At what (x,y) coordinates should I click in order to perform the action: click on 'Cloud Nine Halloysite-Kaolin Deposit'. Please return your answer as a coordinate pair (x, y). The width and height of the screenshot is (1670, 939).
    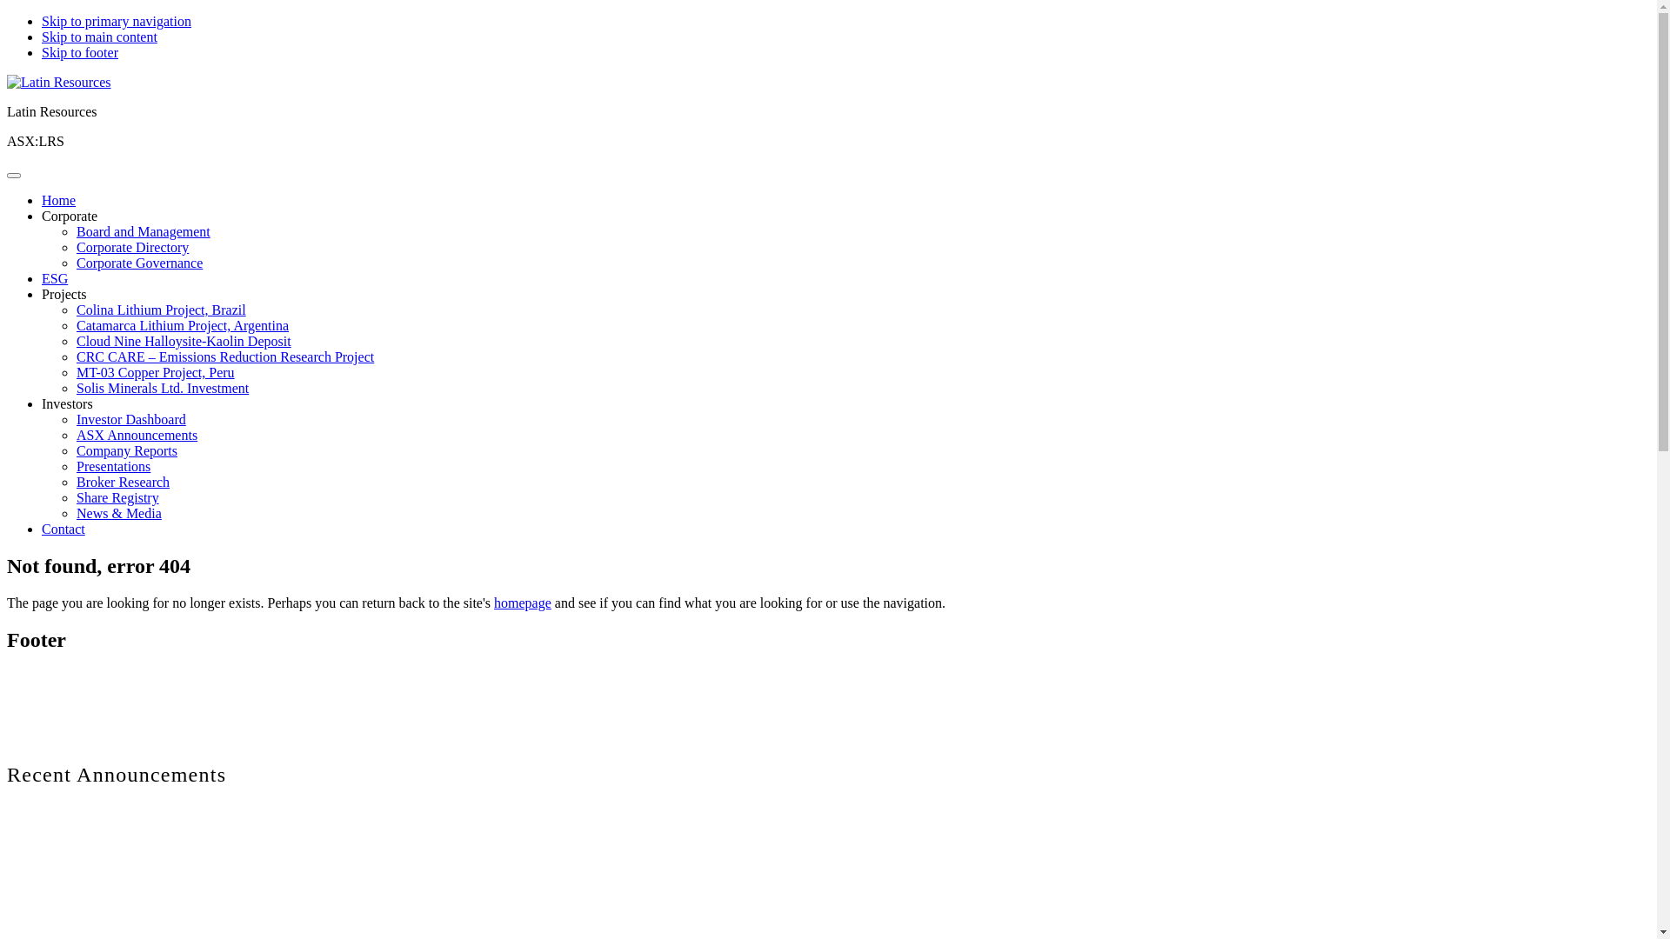
    Looking at the image, I should click on (184, 341).